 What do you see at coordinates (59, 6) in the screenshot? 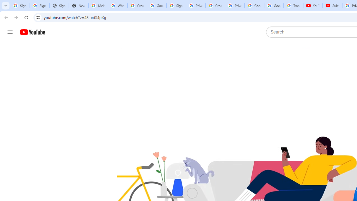
I see `'Sign In - USA TODAY'` at bounding box center [59, 6].